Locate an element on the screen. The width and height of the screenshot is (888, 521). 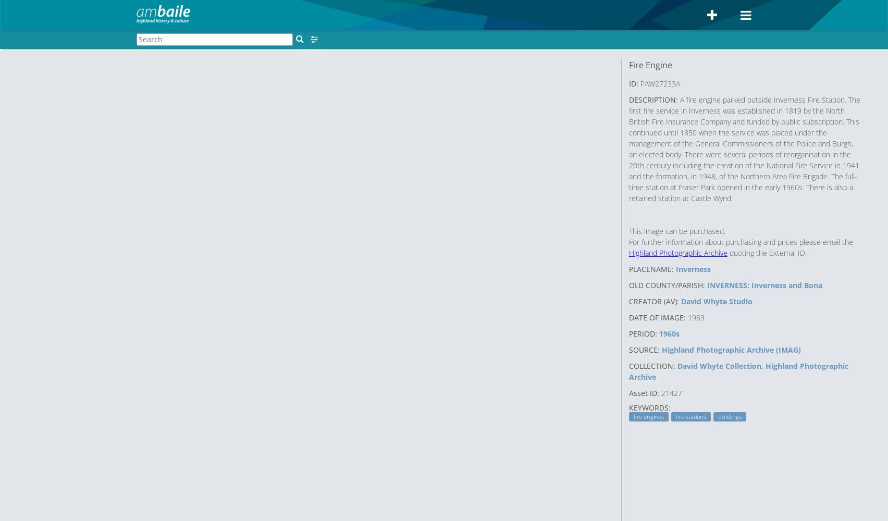
'Asset ID:' is located at coordinates (643, 392).